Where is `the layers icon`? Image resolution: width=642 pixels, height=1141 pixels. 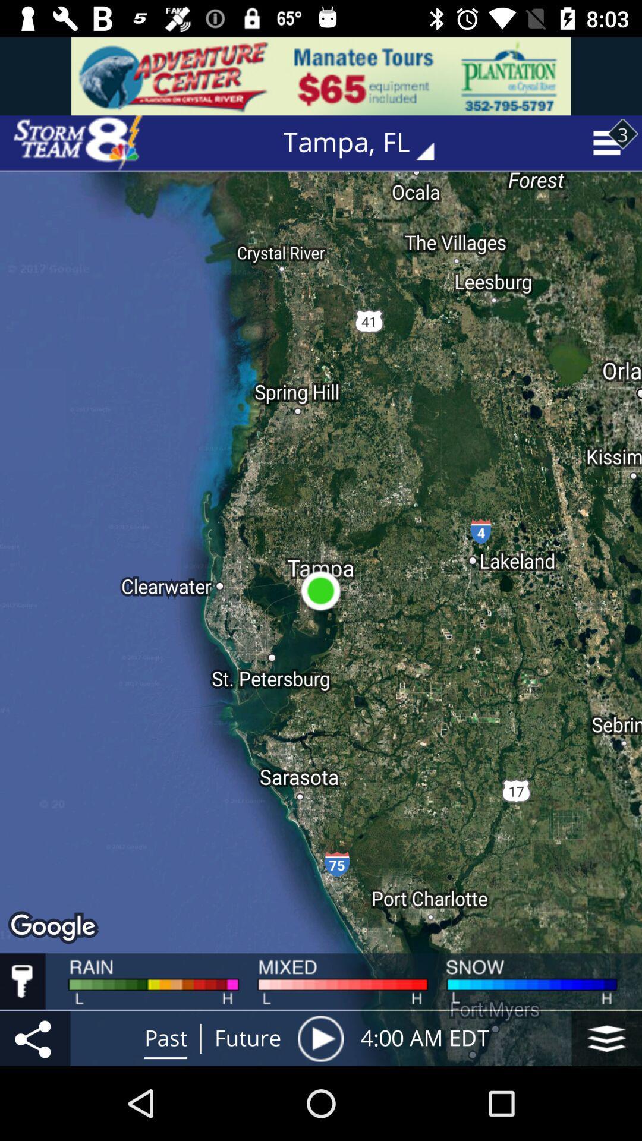 the layers icon is located at coordinates (606, 1038).